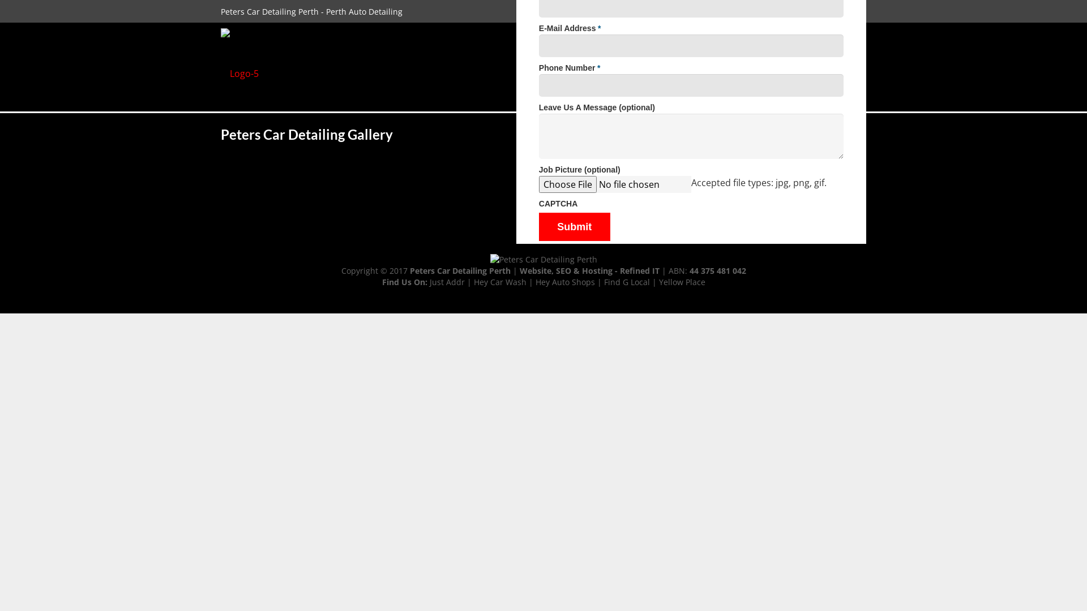 This screenshot has width=1087, height=611. I want to click on 'Website, SEO & Hosting - Refined IT', so click(589, 270).